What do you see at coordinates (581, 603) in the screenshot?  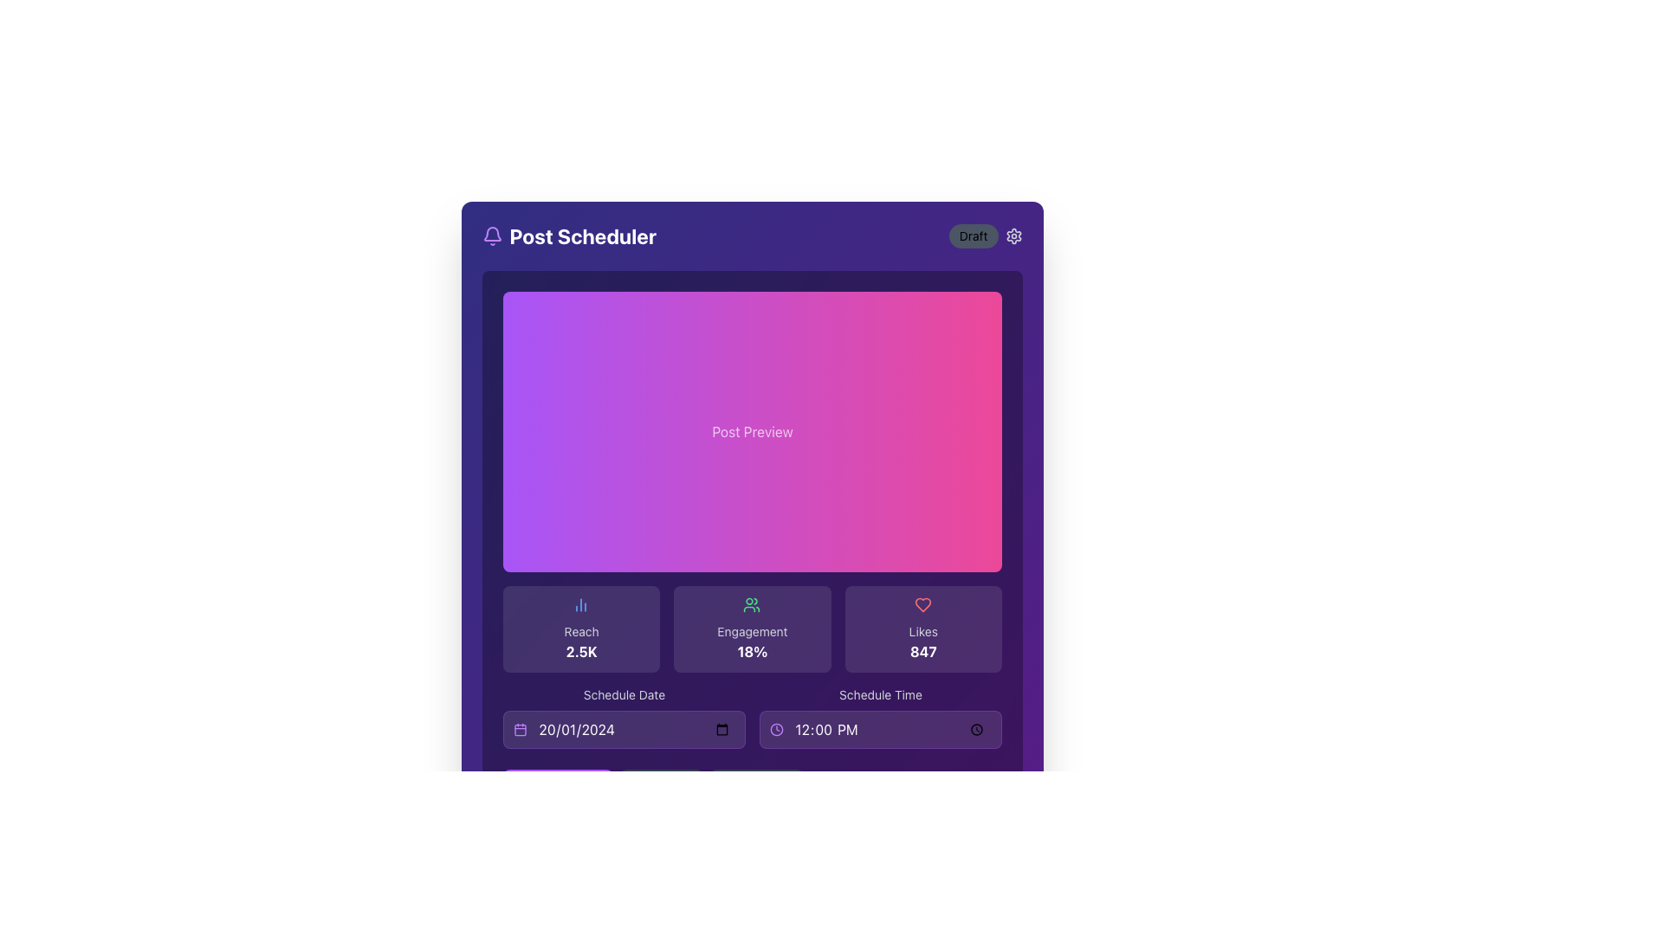 I see `the 'Reach' metric icon located in the first panel displaying '2.5K' above the date and time selectors` at bounding box center [581, 603].